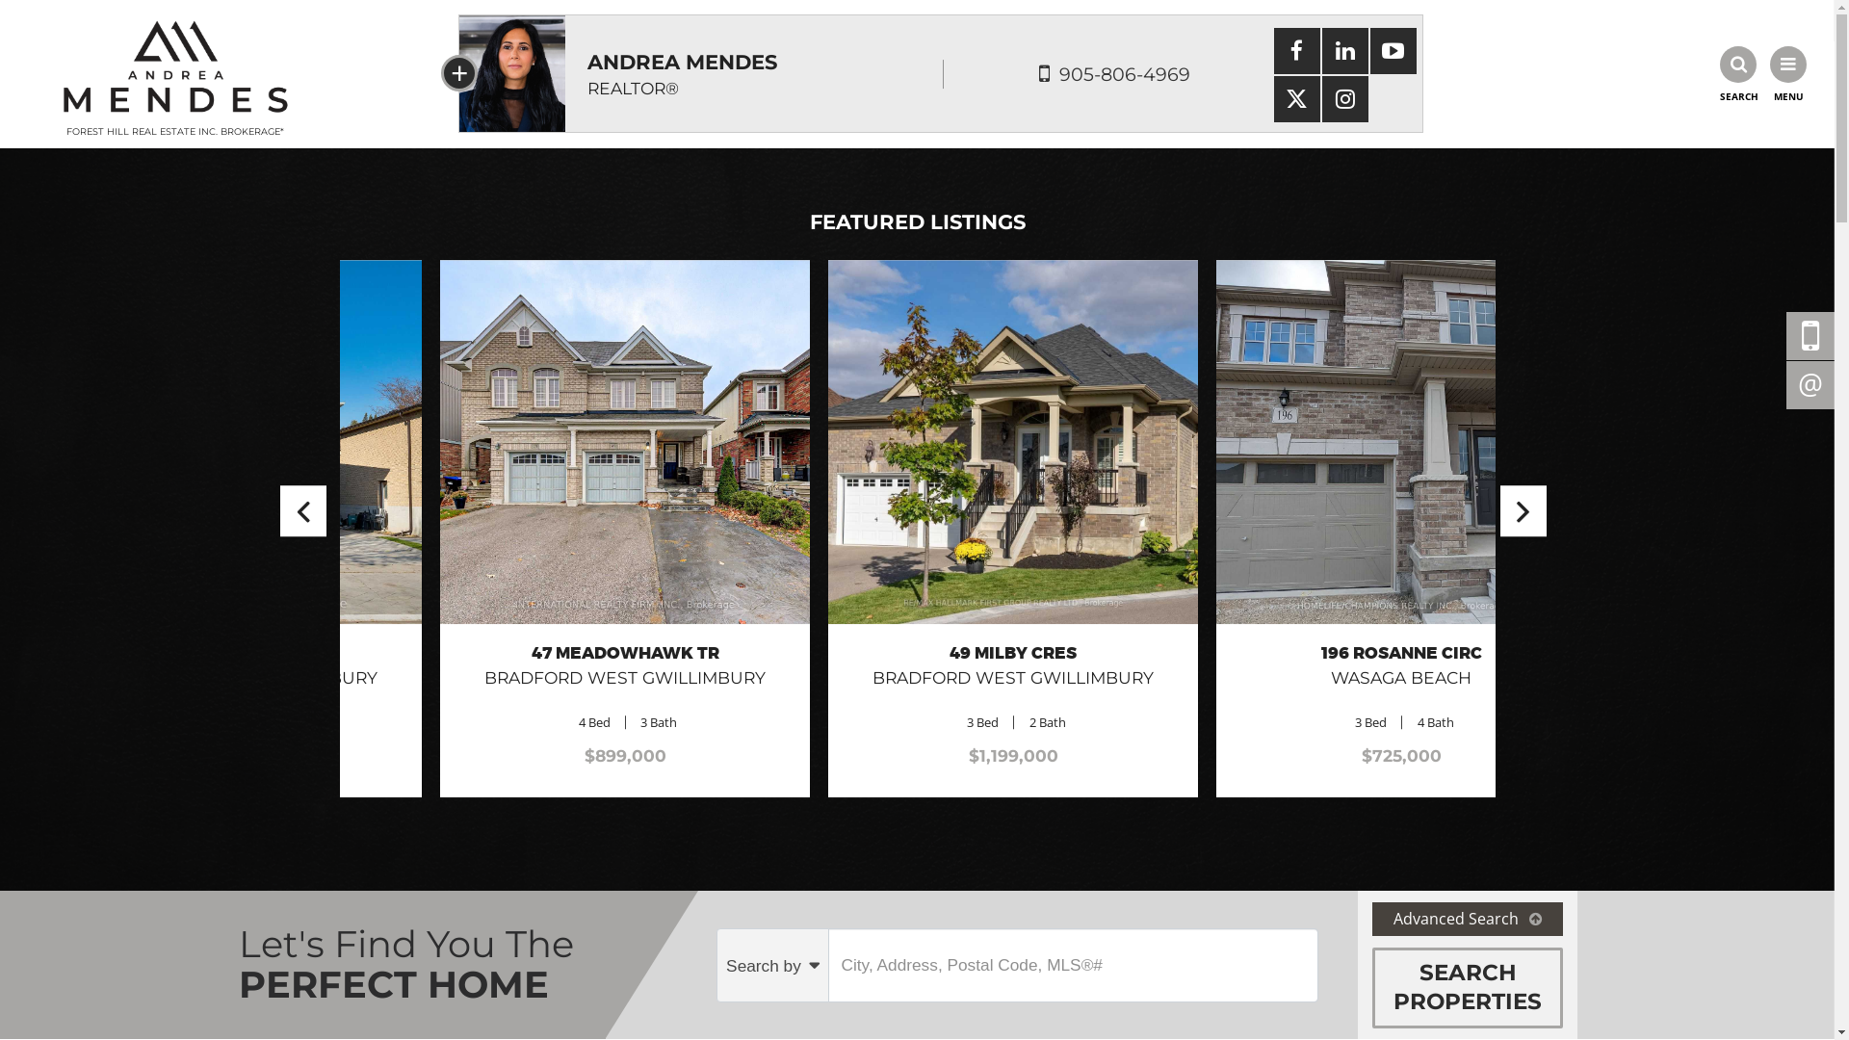 Image resolution: width=1849 pixels, height=1040 pixels. I want to click on 'Advanced Search', so click(1466, 918).